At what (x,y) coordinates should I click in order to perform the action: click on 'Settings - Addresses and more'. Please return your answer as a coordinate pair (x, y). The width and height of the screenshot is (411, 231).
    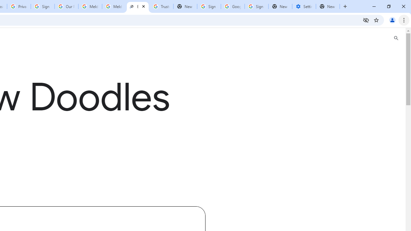
    Looking at the image, I should click on (304, 6).